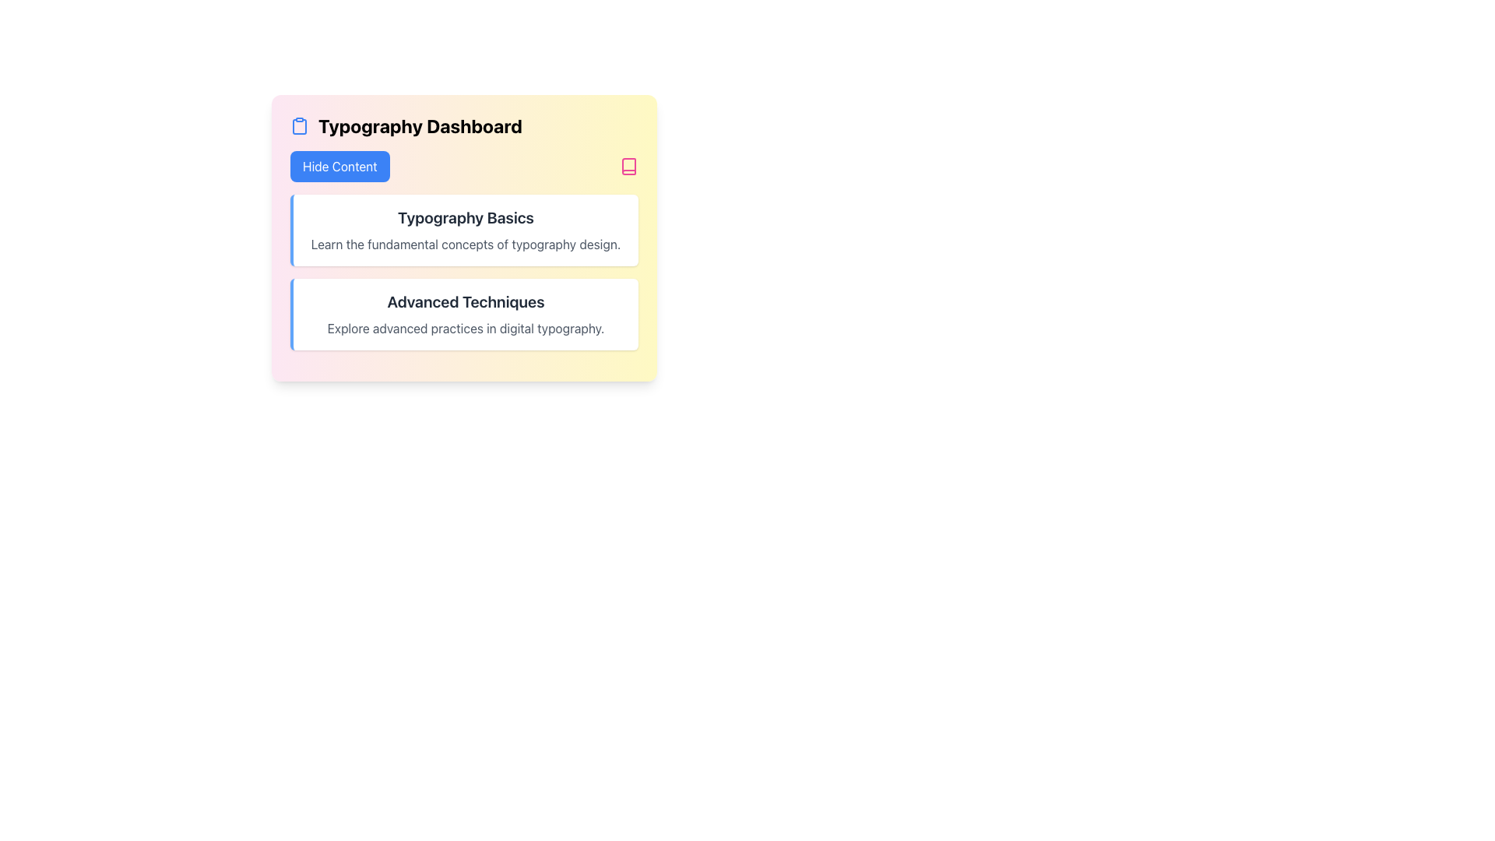 The image size is (1495, 841). Describe the element at coordinates (465, 327) in the screenshot. I see `the text label that reads 'Explore advanced practices in digital typography.' This label is located beneath 'Advanced Techniques' within a white section bordered with blue, part of the 'Typography Dashboard' card` at that location.